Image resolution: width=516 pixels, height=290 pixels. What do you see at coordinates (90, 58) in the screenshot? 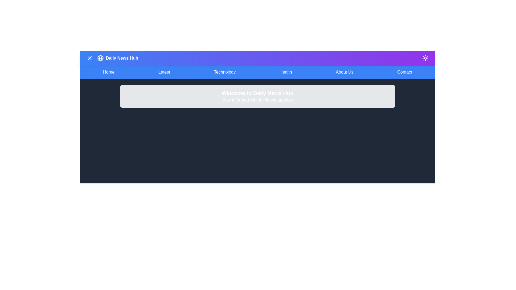
I see `toggle button on the top-left corner of the app bar to toggle the menu visibility` at bounding box center [90, 58].